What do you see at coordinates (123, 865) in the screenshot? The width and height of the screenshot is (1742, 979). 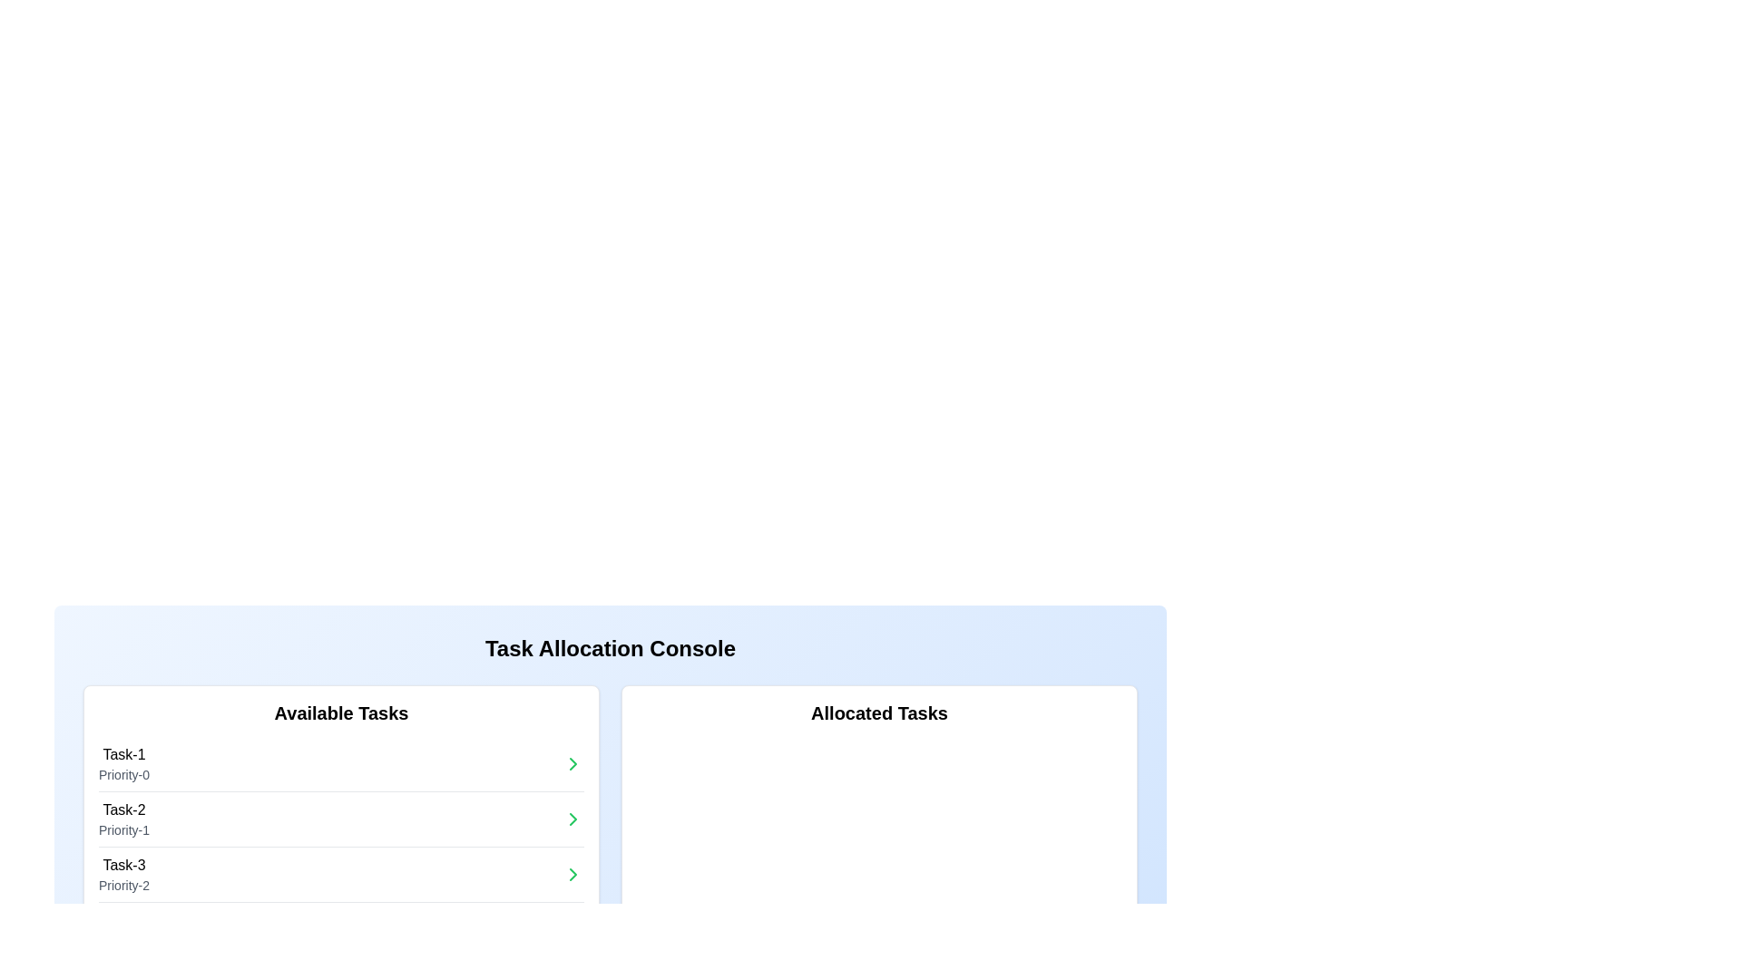 I see `text label displaying the name of the task, which is 'Task-3', located in the third row of the 'Available Tasks' list` at bounding box center [123, 865].